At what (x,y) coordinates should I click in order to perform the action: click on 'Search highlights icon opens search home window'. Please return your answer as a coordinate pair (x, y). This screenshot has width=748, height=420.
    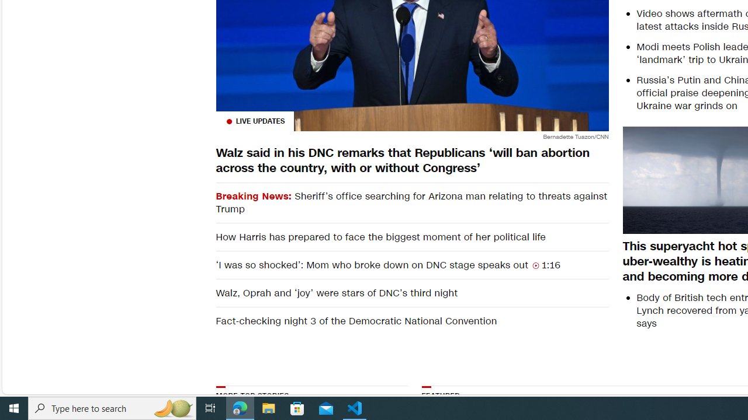
    Looking at the image, I should click on (172, 407).